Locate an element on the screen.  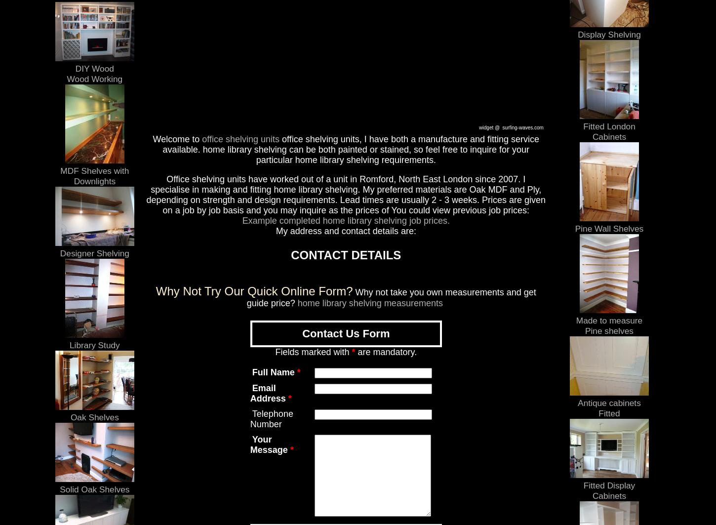
'Made to measure' is located at coordinates (575, 320).